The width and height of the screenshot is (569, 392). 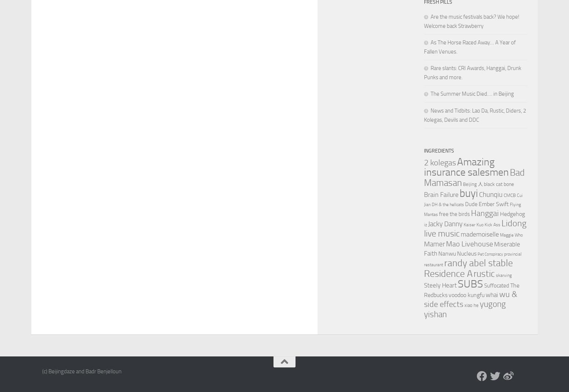 What do you see at coordinates (434, 243) in the screenshot?
I see `'Mamer'` at bounding box center [434, 243].